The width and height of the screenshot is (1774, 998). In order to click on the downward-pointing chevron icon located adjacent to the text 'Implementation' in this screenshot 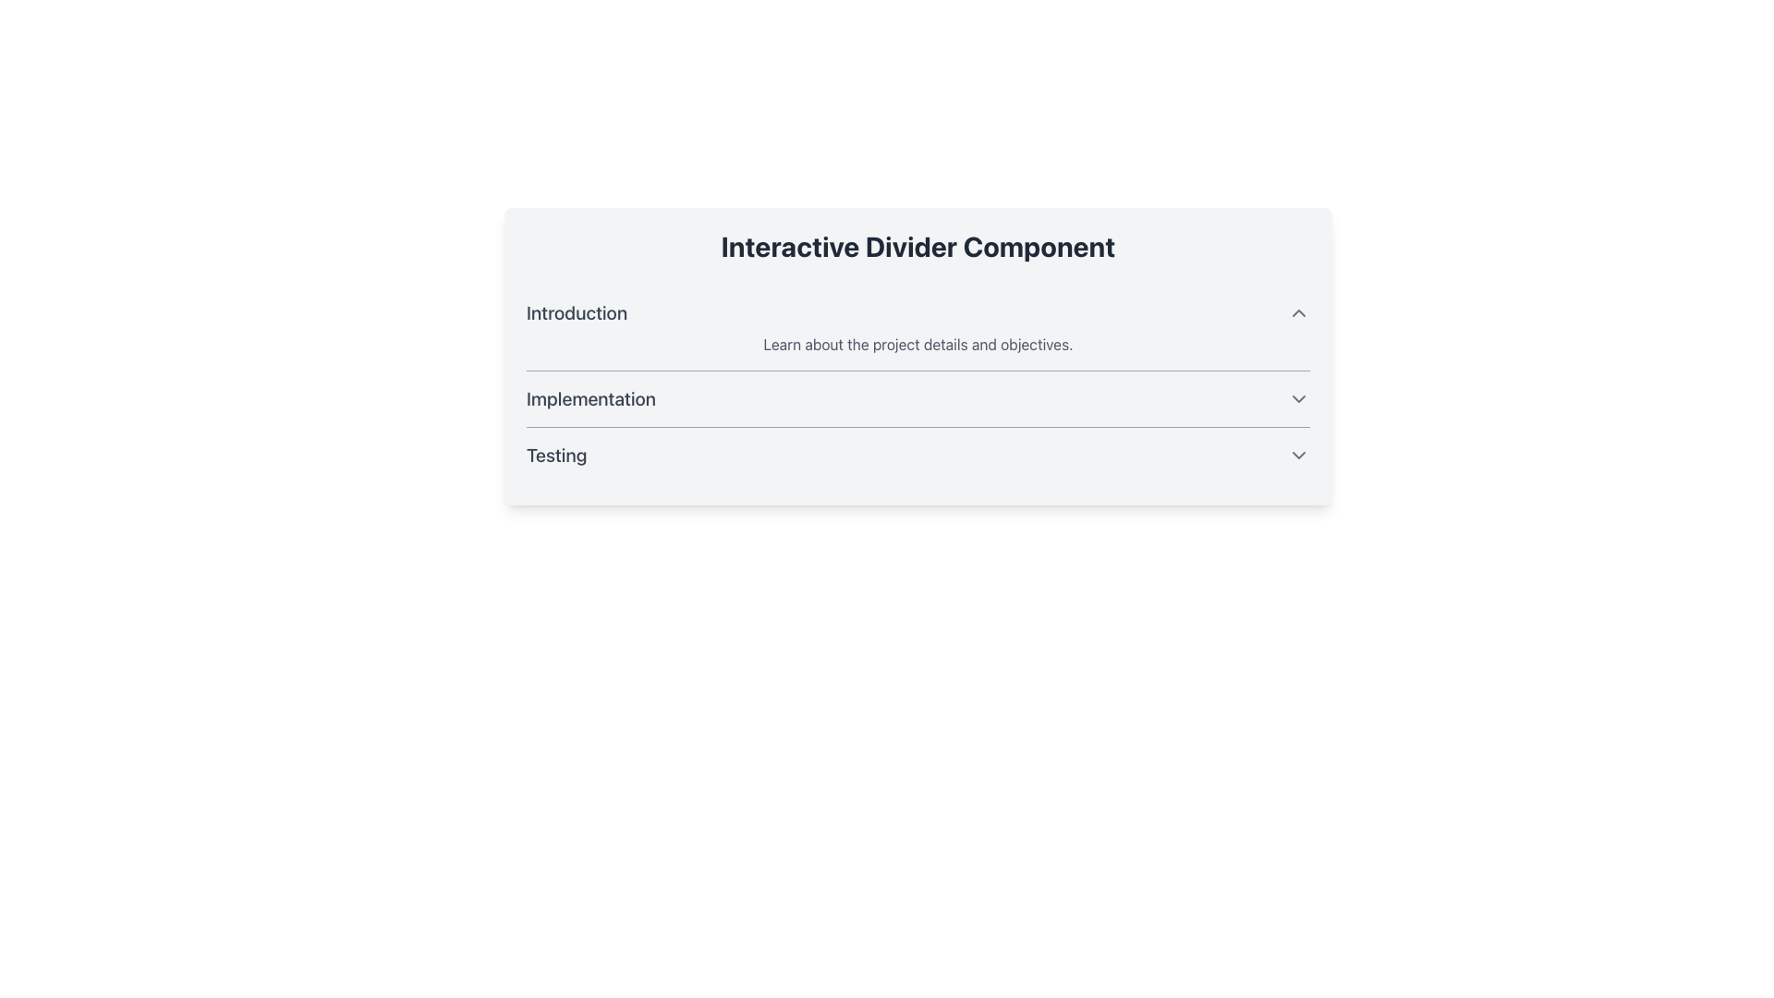, I will do `click(1298, 398)`.